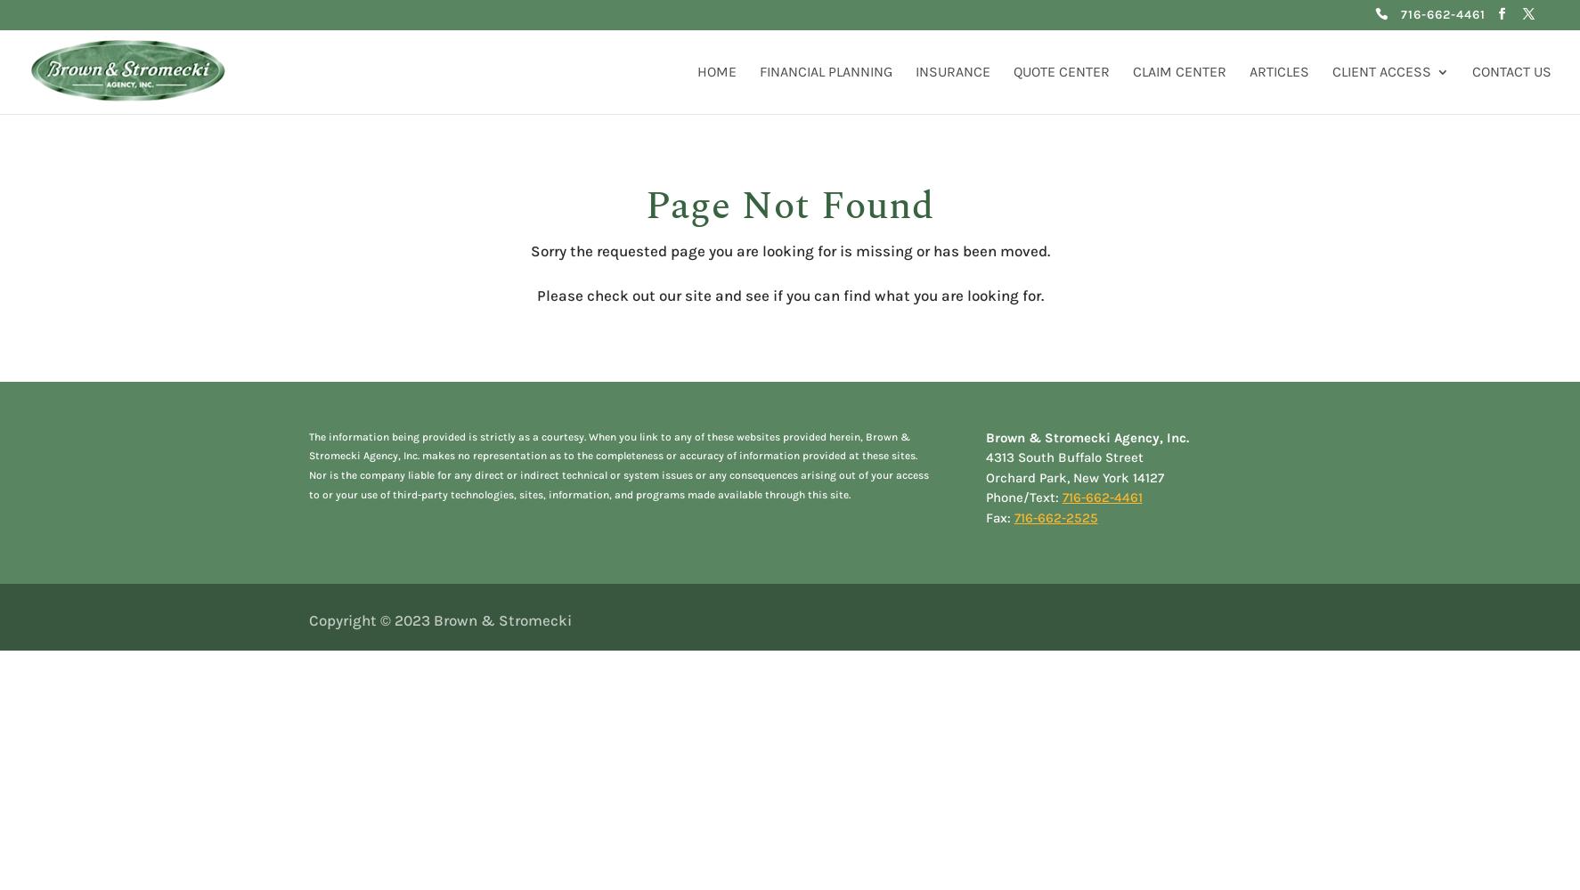  I want to click on '716-662-2525', so click(1013, 516).